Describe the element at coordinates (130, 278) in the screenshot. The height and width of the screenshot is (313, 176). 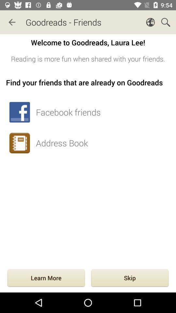
I see `the skip item` at that location.